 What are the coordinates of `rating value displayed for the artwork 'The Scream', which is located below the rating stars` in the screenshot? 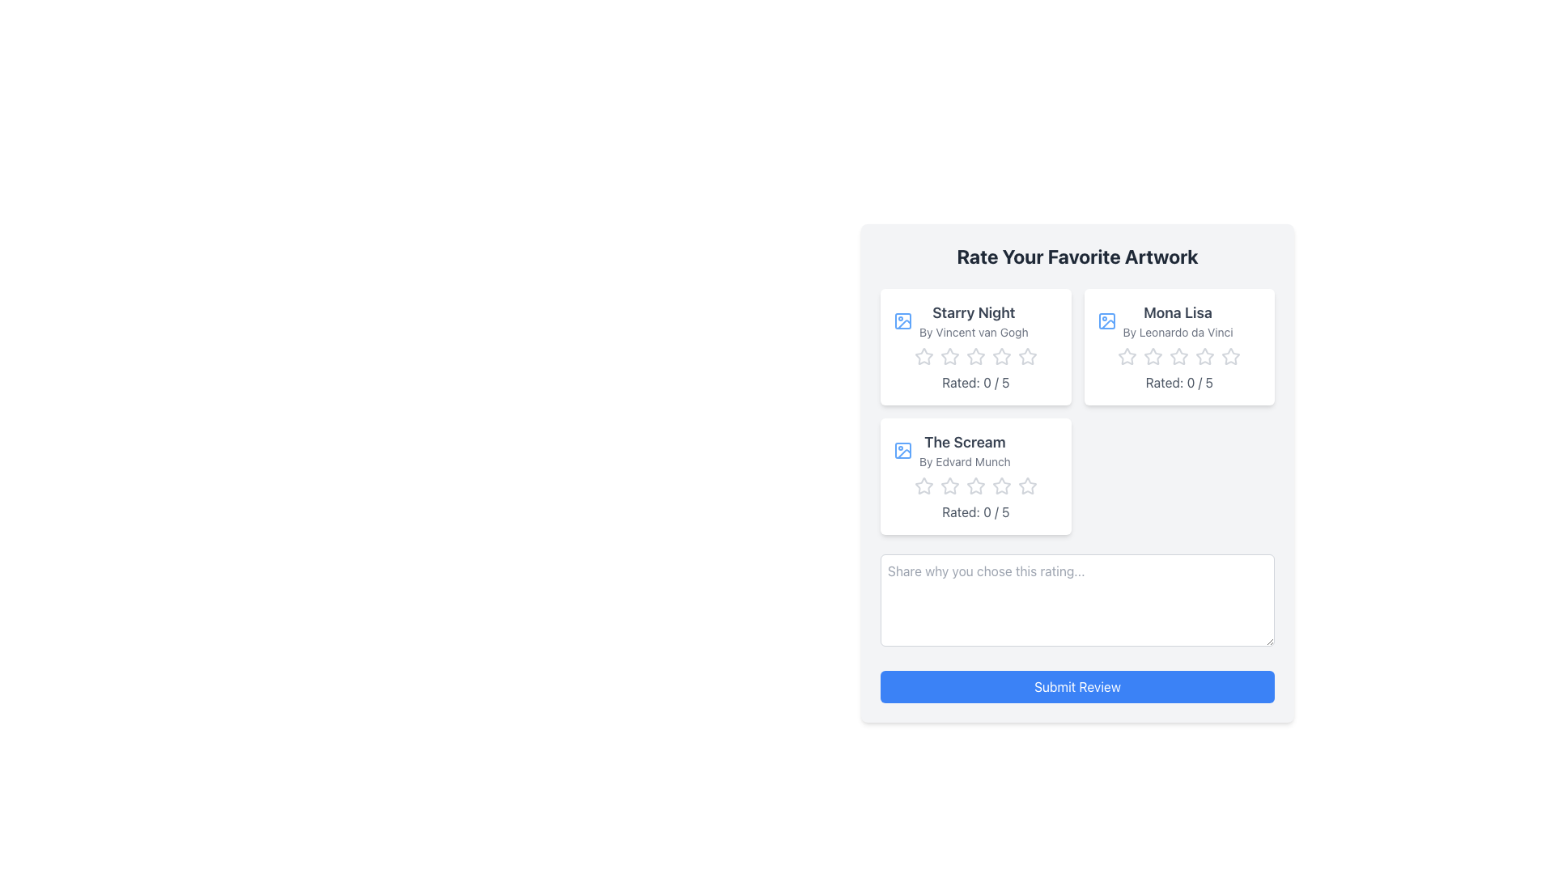 It's located at (974, 511).